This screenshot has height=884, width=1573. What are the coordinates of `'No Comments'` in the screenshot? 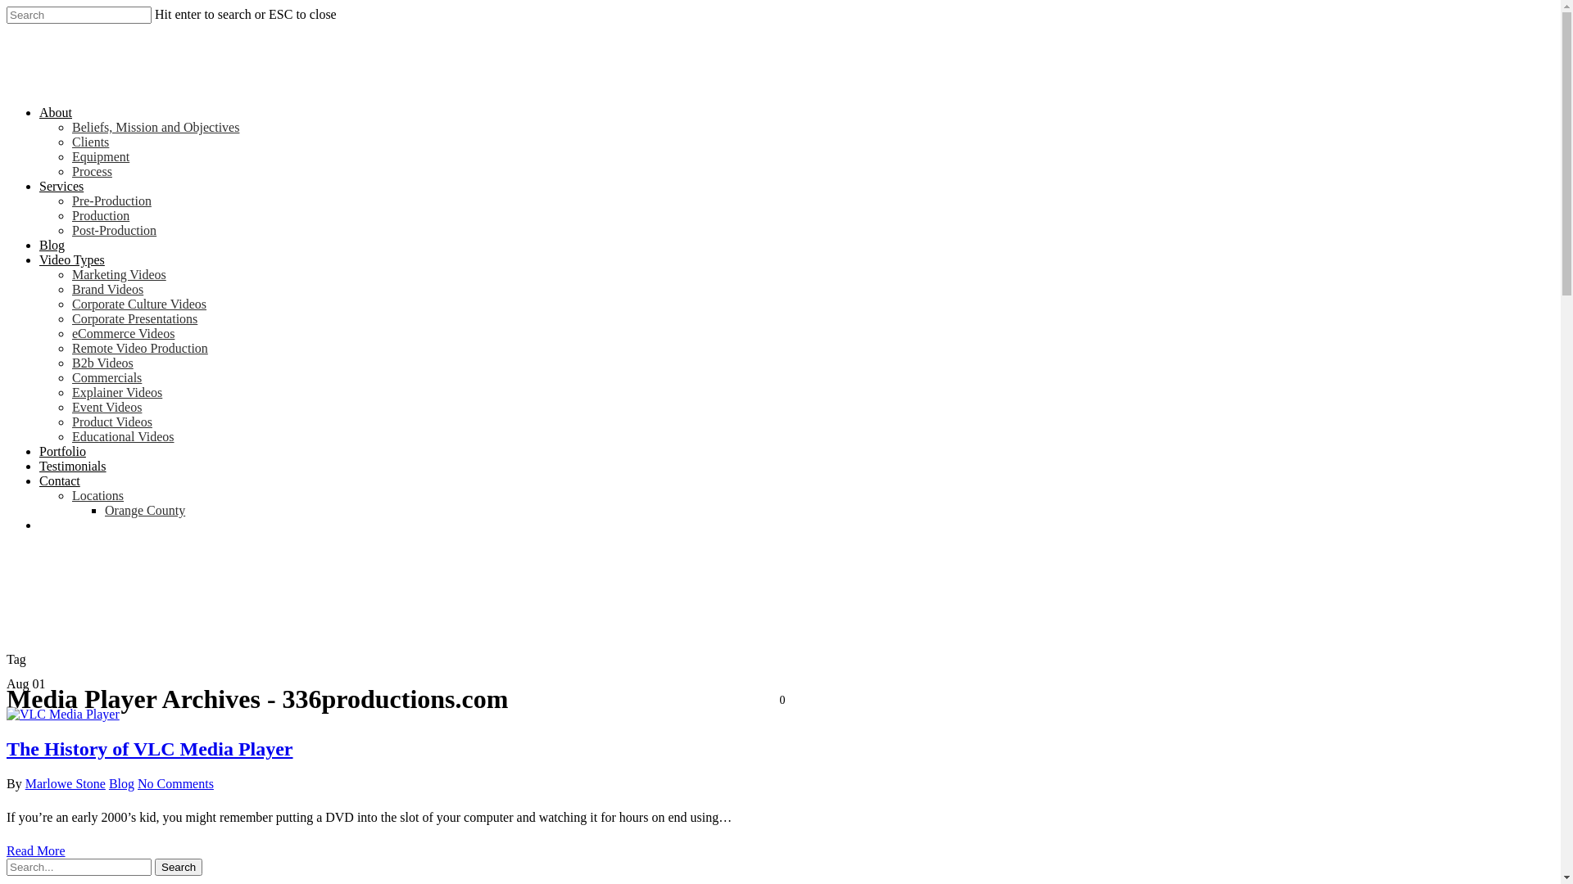 It's located at (138, 783).